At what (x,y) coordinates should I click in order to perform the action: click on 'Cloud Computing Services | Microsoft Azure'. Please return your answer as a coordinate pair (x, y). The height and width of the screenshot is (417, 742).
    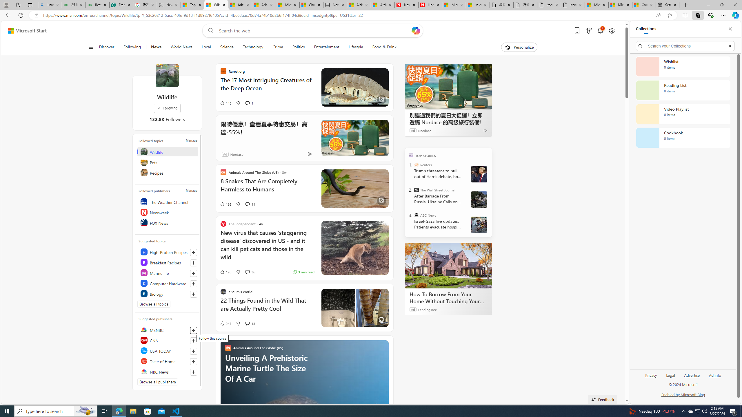
    Looking at the image, I should click on (311, 5).